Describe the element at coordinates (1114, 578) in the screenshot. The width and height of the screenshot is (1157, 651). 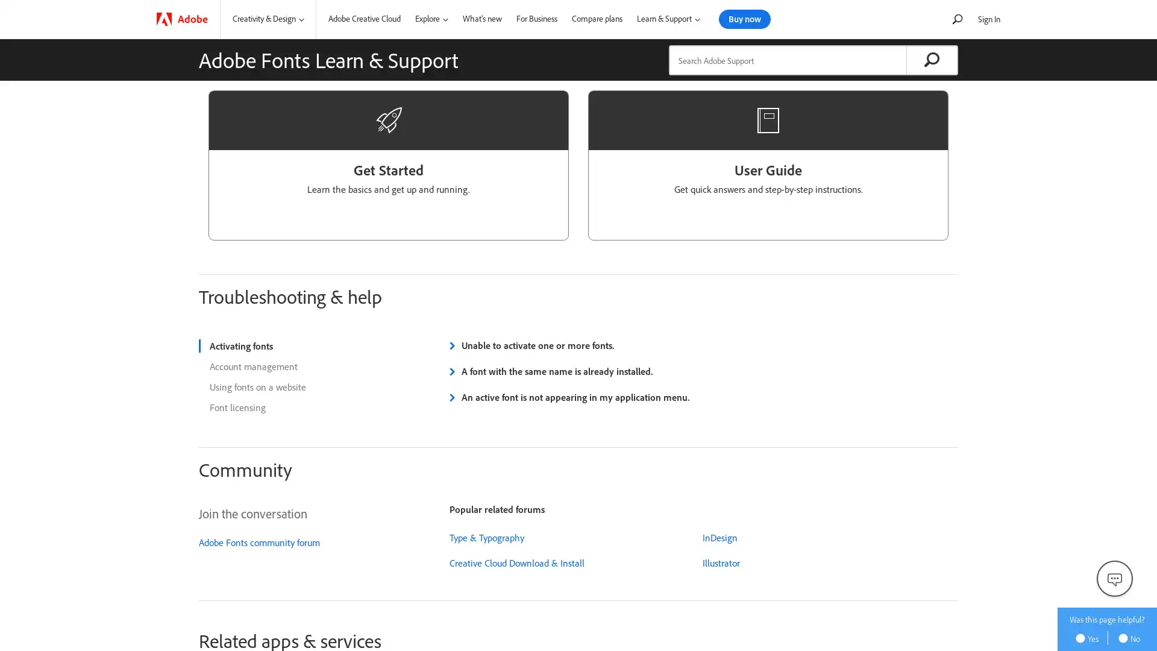
I see `Contact us` at that location.